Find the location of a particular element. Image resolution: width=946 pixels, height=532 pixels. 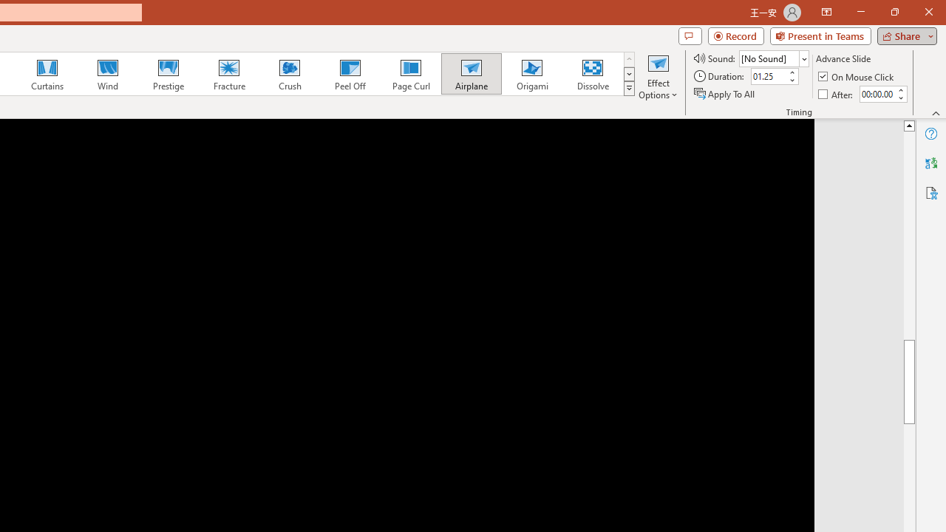

'Crush' is located at coordinates (289, 74).